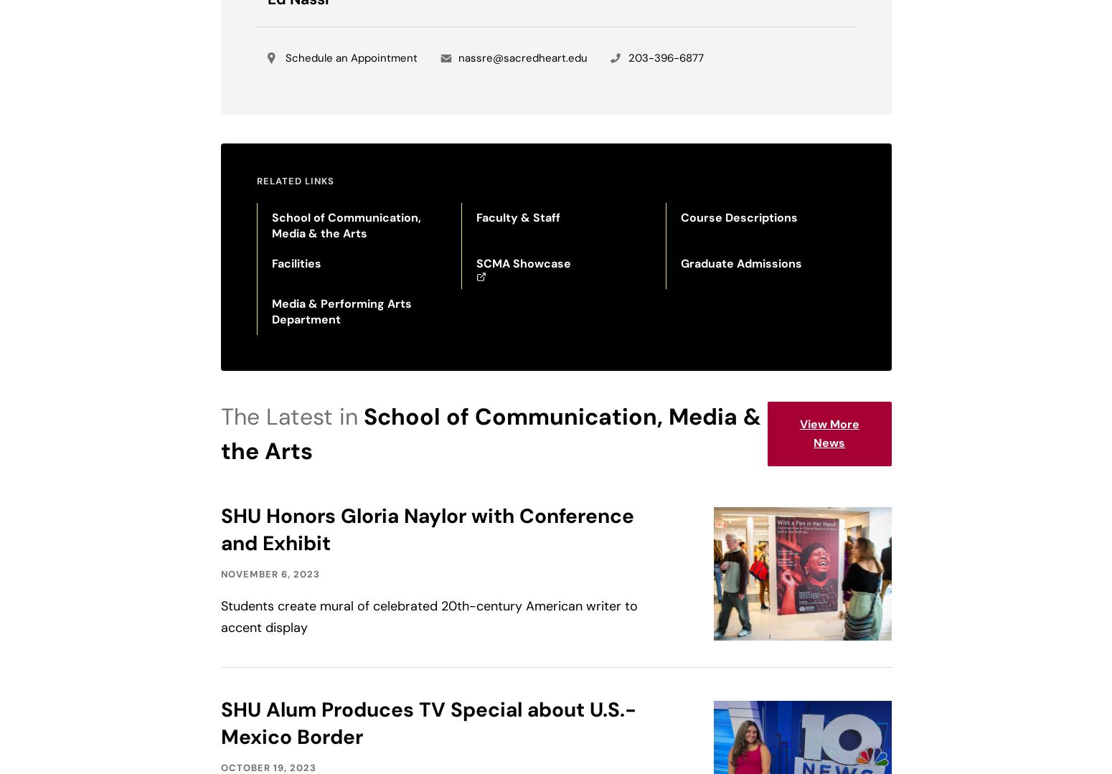  I want to click on 'nassre@sacredheart.edu', so click(522, 57).